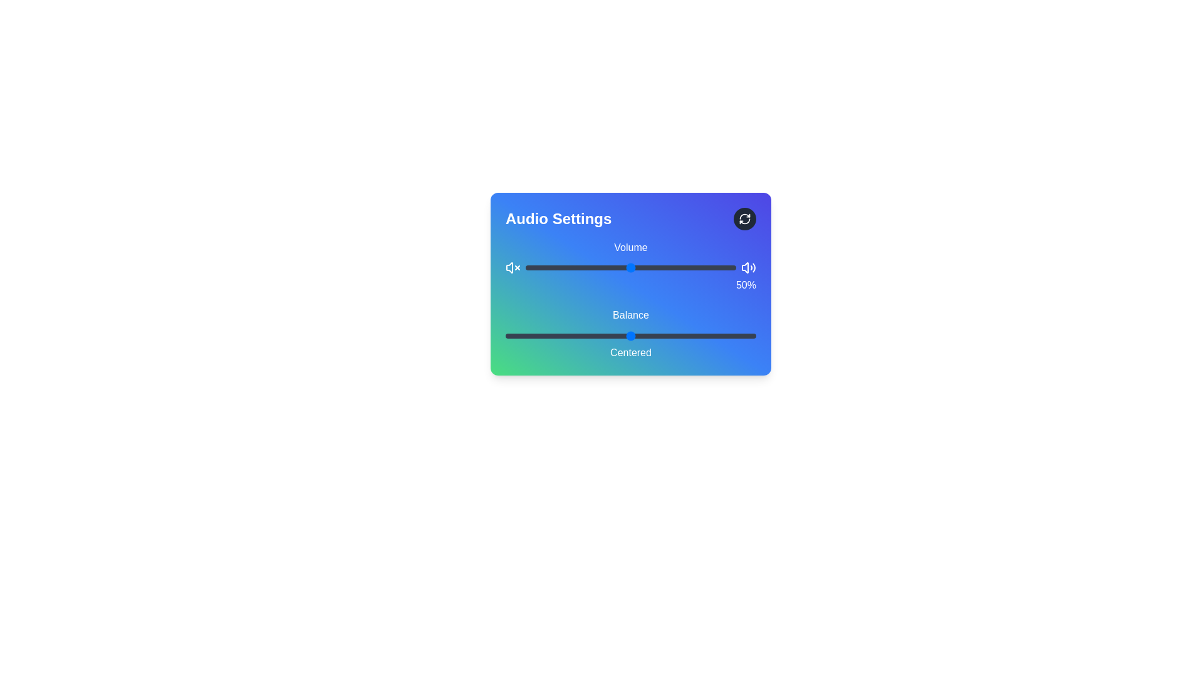 This screenshot has width=1203, height=676. I want to click on the volume slider, so click(580, 267).